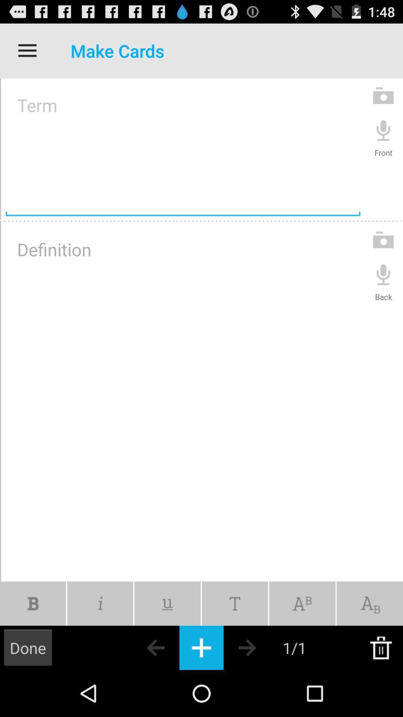 The height and width of the screenshot is (717, 403). What do you see at coordinates (383, 293) in the screenshot?
I see `the microphone icon` at bounding box center [383, 293].